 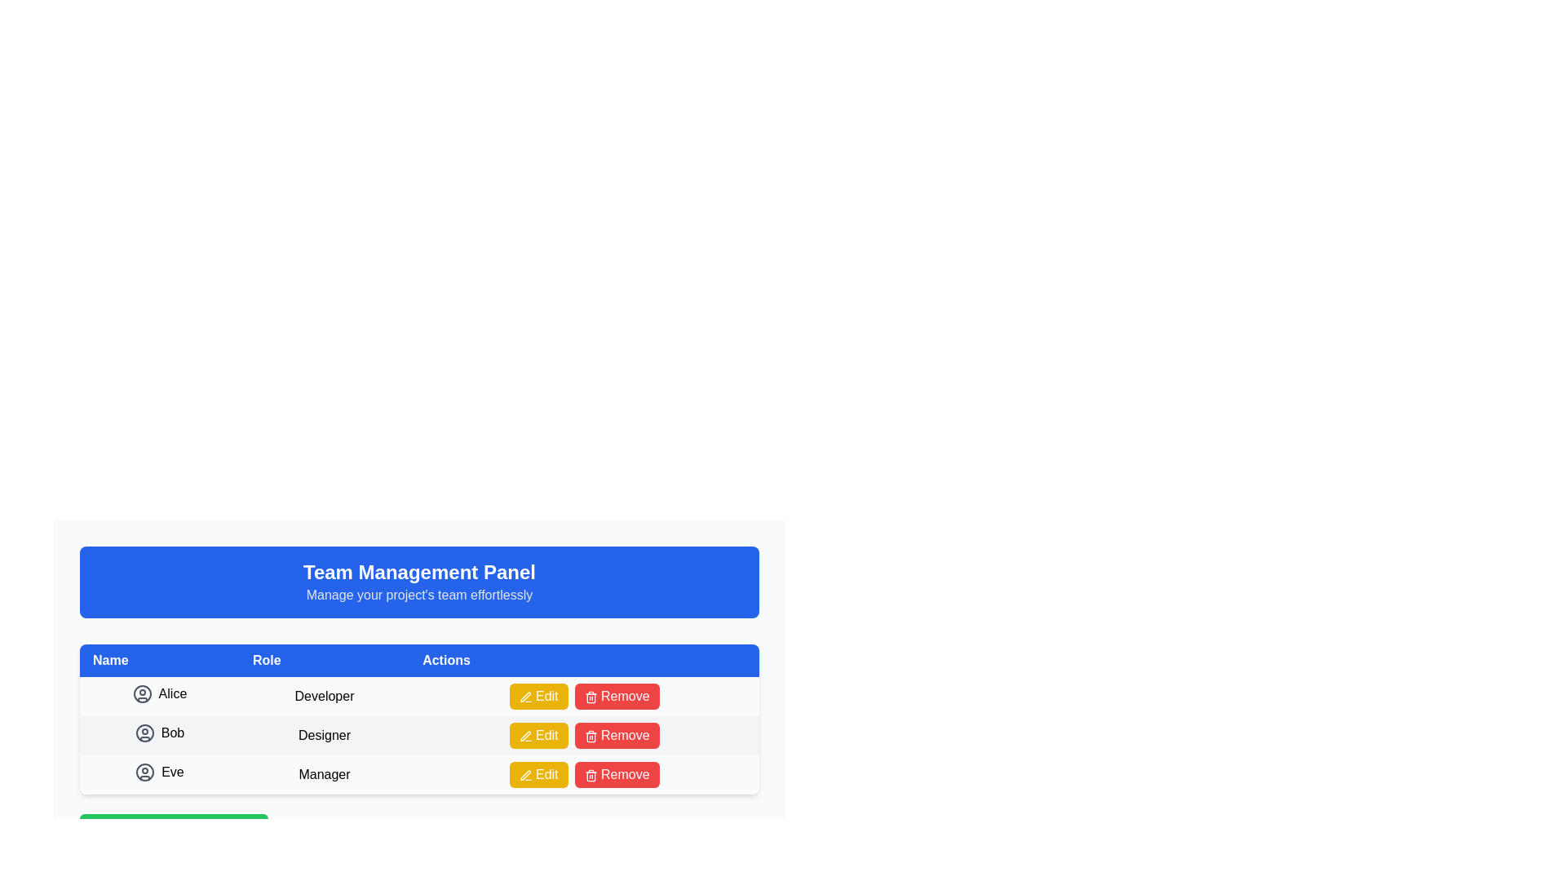 What do you see at coordinates (584, 736) in the screenshot?
I see `the 'Remove' button, which is the red button with a trashcan icon located in the Actions column for Bob, the Designer` at bounding box center [584, 736].